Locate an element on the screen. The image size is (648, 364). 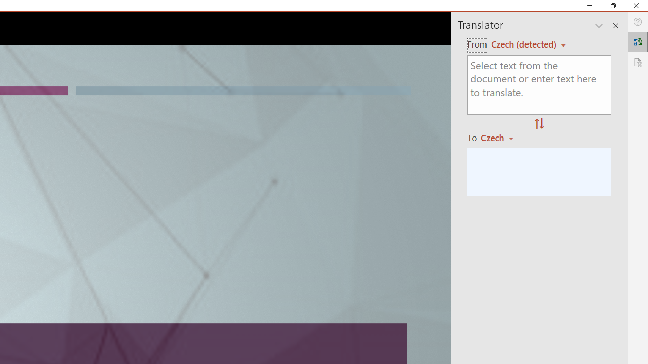
'Czech' is located at coordinates (502, 138).